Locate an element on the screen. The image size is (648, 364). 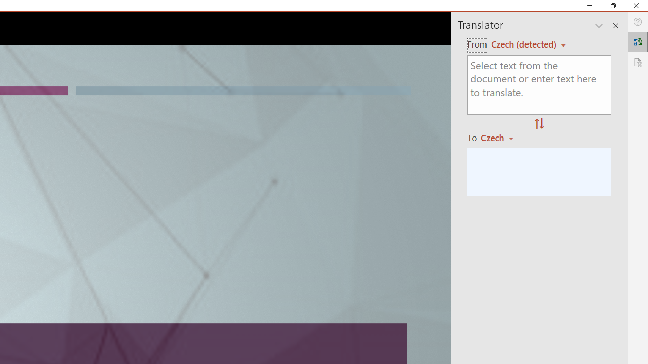
'Czech' is located at coordinates (502, 138).